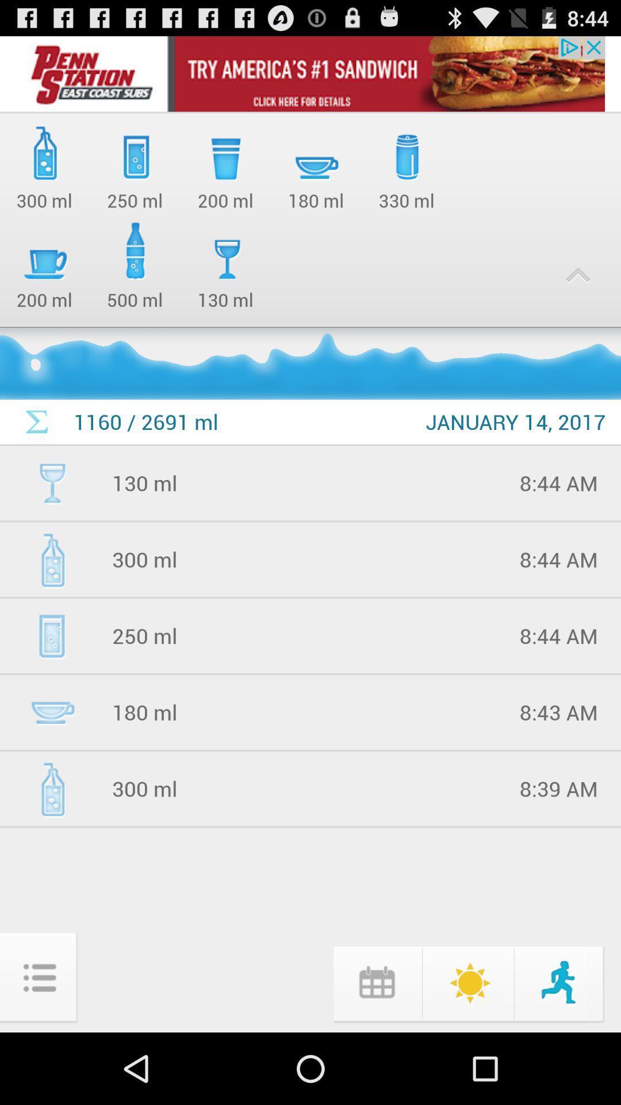  I want to click on the cup icon below glass icon, so click(52, 712).